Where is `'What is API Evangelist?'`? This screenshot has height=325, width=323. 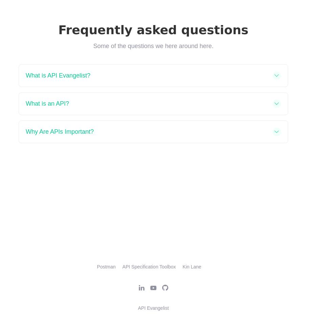 'What is API Evangelist?' is located at coordinates (58, 75).